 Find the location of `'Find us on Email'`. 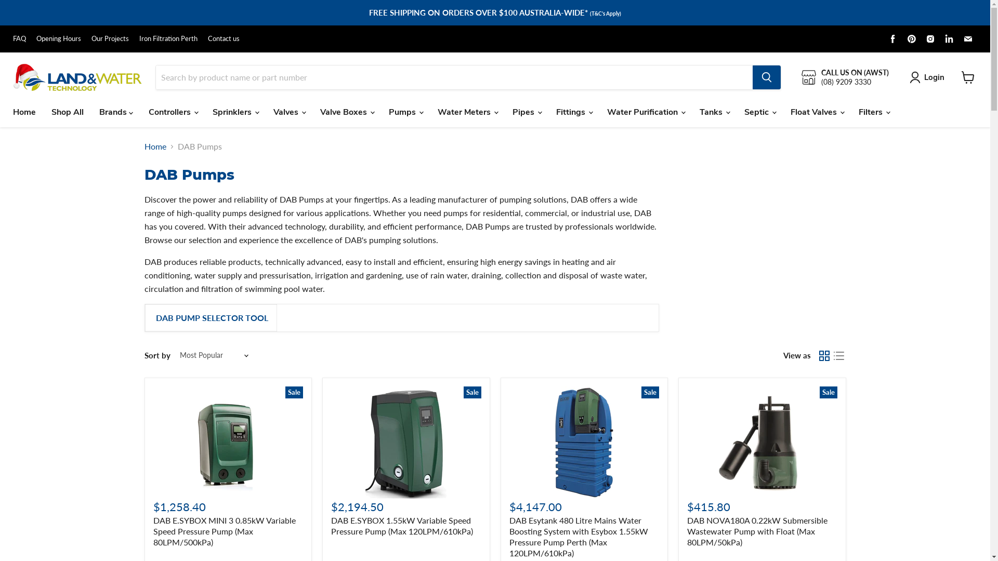

'Find us on Email' is located at coordinates (967, 37).